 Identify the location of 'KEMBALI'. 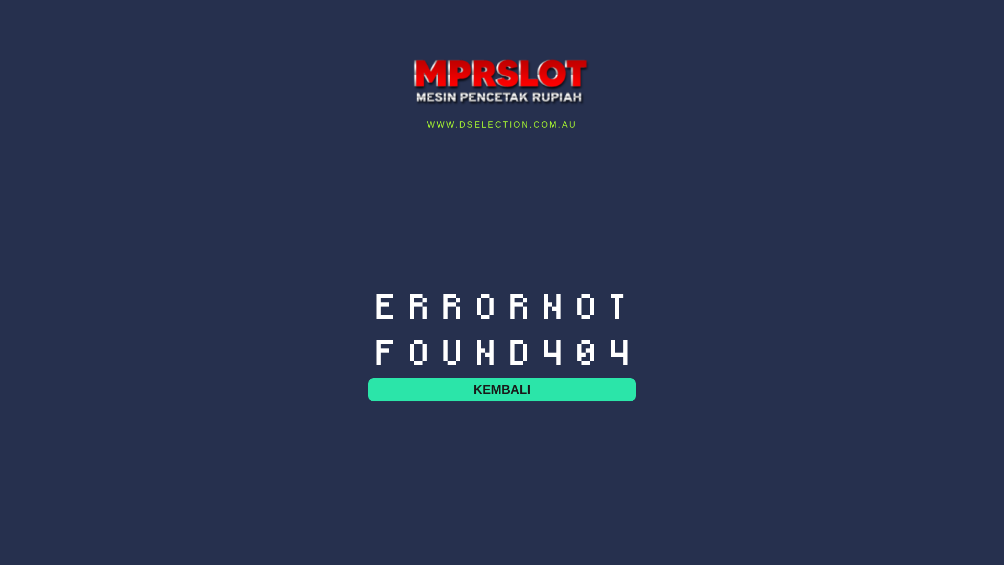
(502, 389).